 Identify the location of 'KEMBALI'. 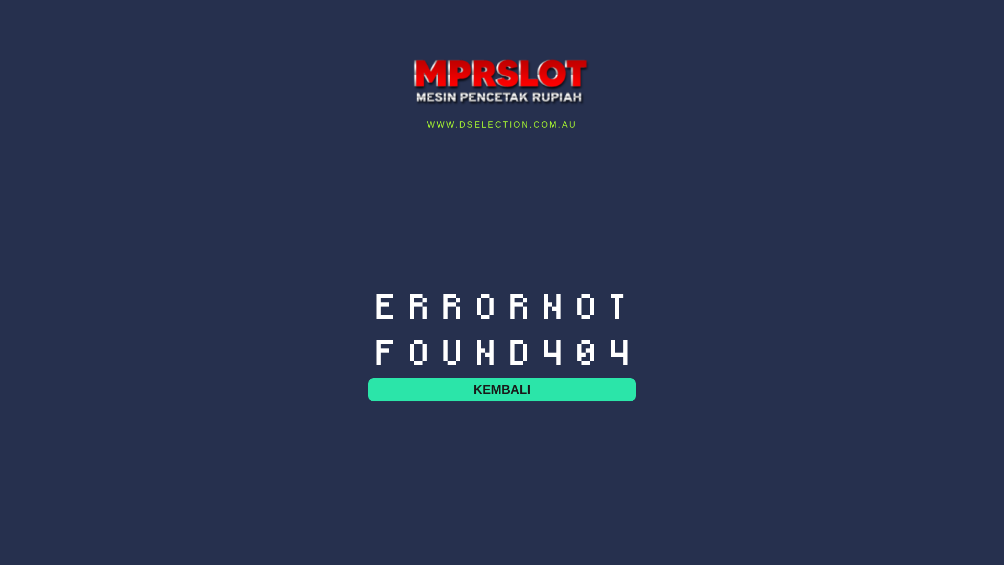
(502, 389).